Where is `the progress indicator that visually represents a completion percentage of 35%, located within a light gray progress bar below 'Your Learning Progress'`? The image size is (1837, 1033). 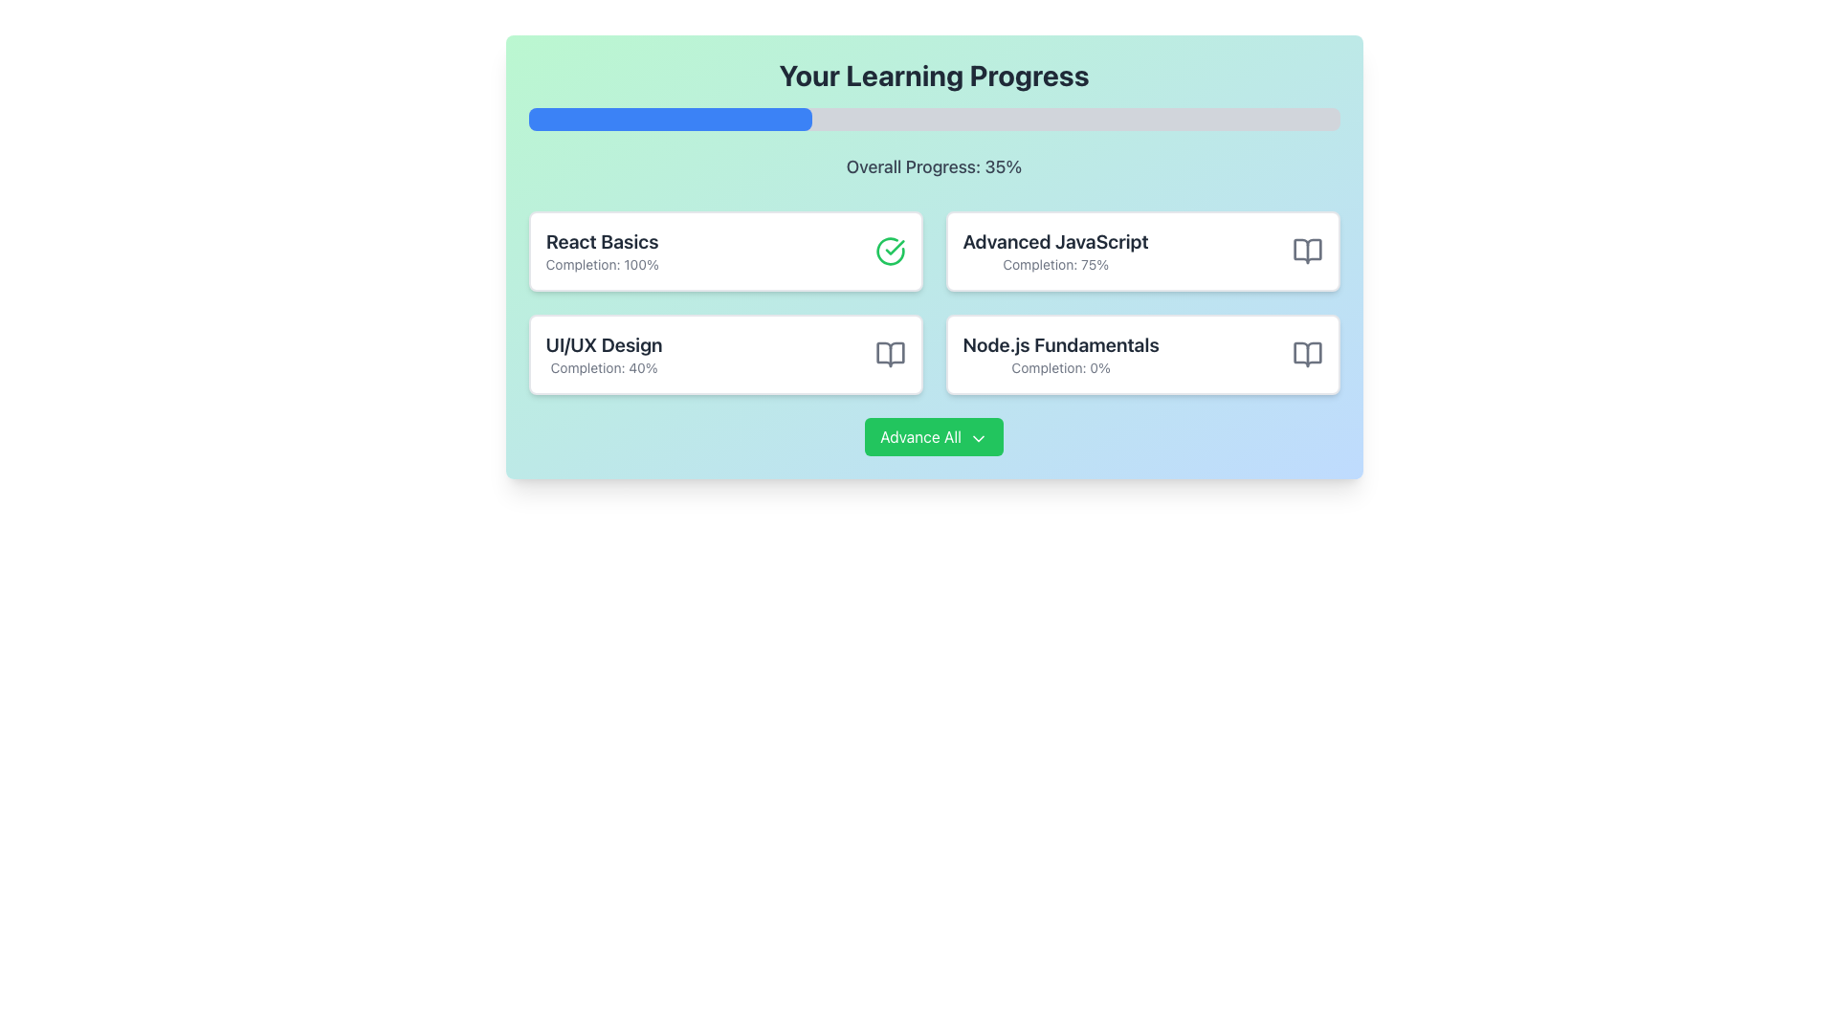 the progress indicator that visually represents a completion percentage of 35%, located within a light gray progress bar below 'Your Learning Progress' is located at coordinates (670, 119).